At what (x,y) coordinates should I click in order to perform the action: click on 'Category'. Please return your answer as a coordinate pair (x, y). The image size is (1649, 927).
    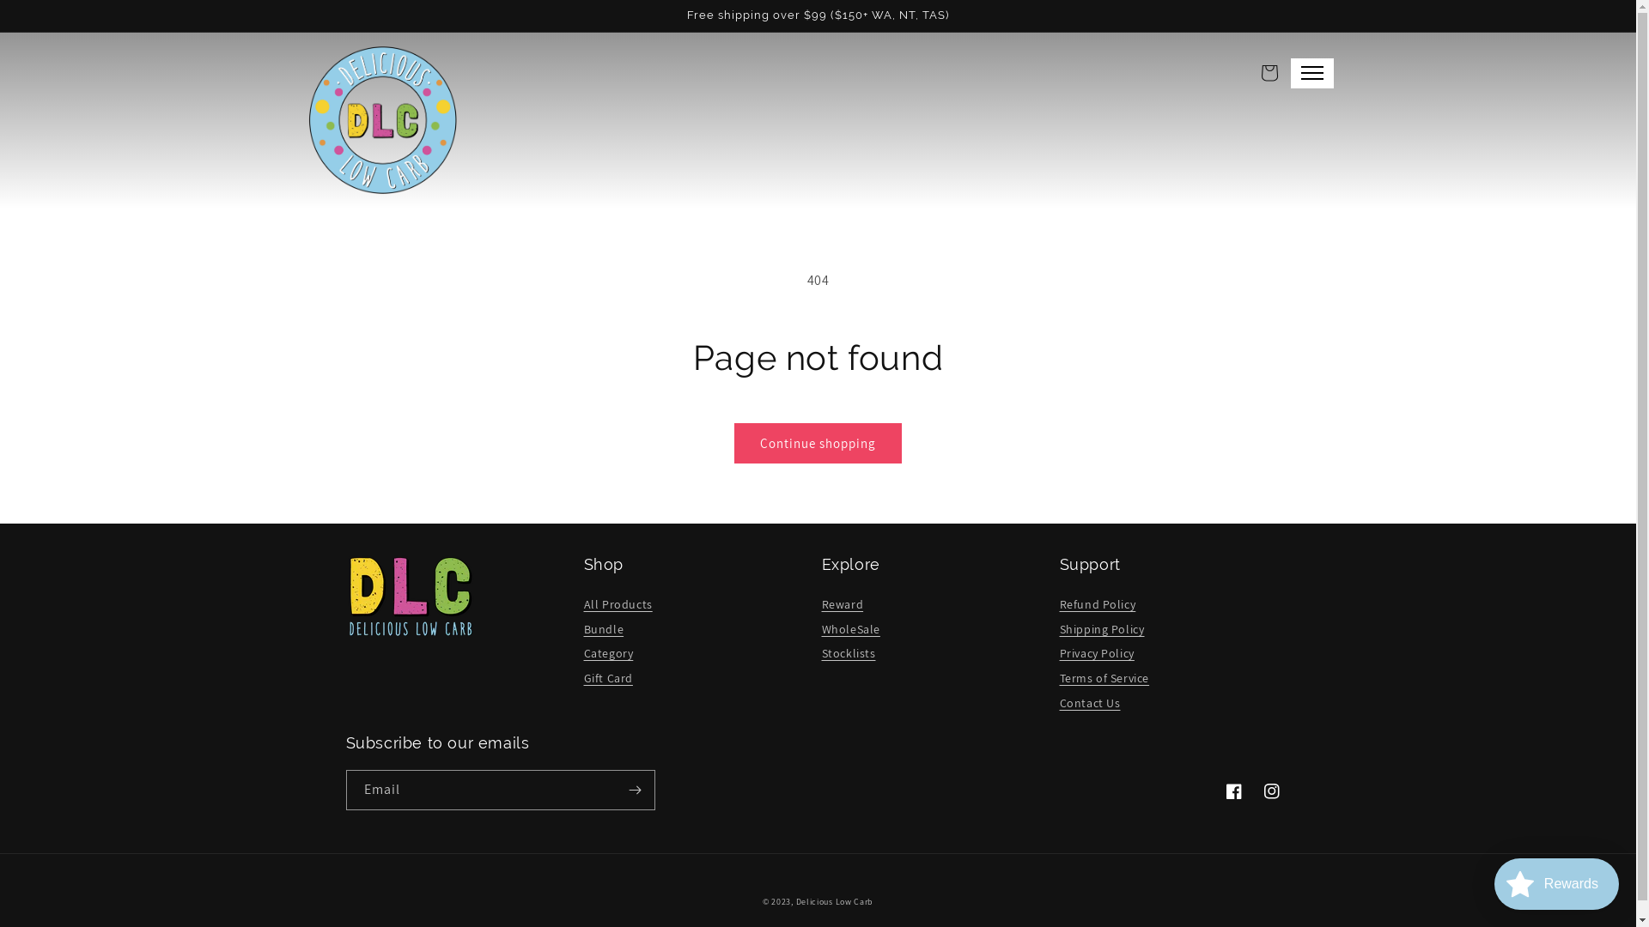
    Looking at the image, I should click on (609, 653).